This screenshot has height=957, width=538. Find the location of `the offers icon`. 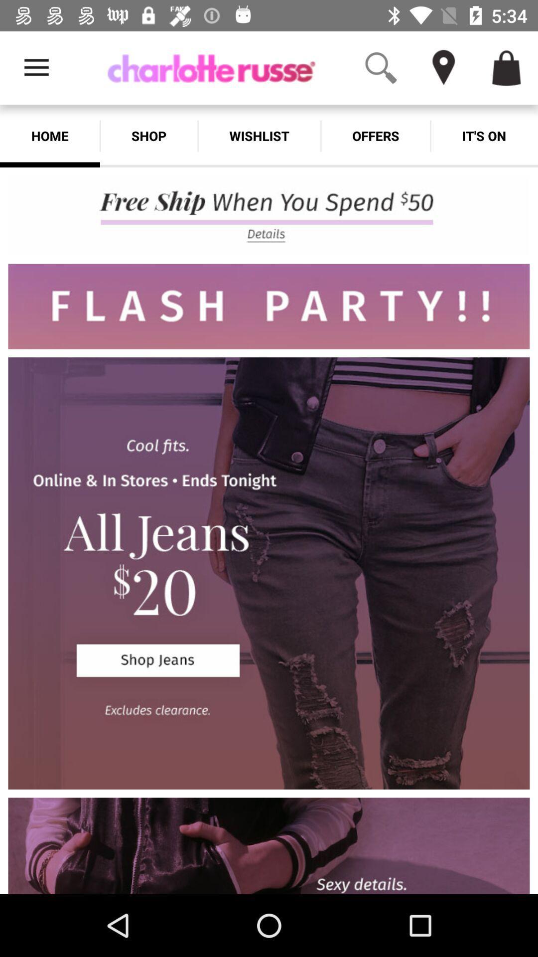

the offers icon is located at coordinates (376, 136).